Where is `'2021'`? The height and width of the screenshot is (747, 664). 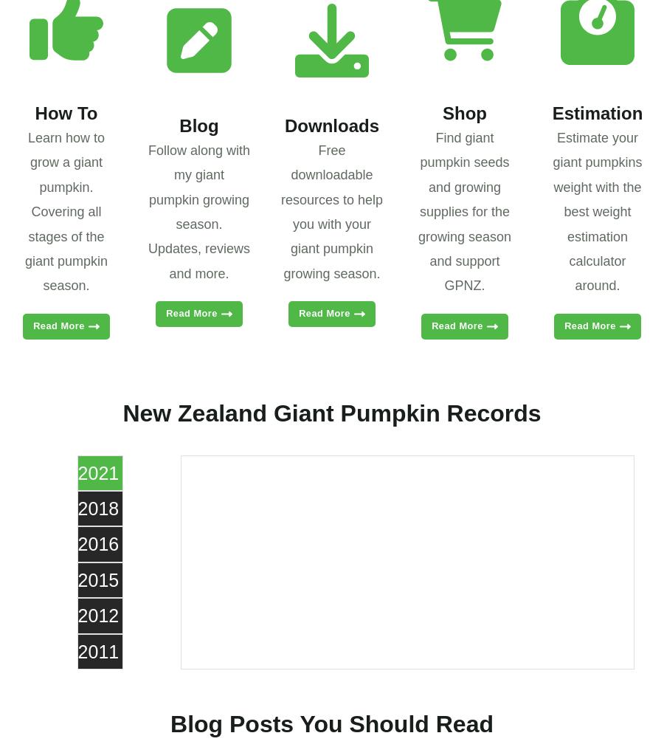
'2021' is located at coordinates (98, 472).